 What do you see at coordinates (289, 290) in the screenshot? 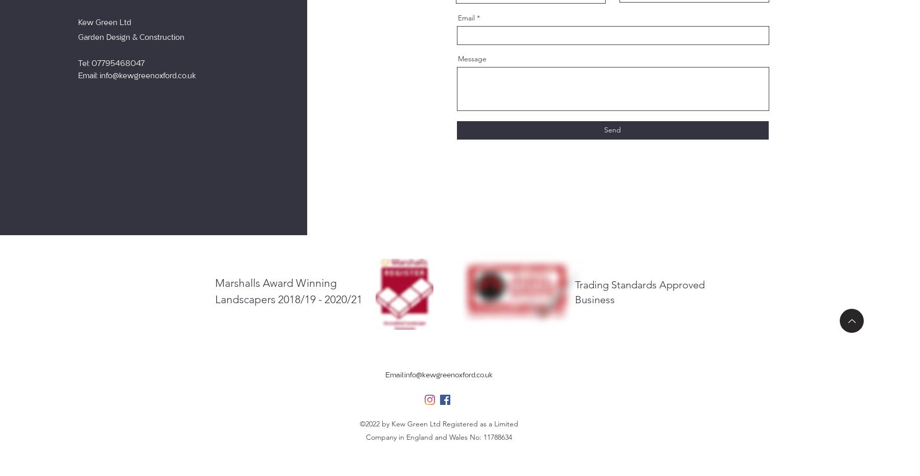
I see `'Marshalls Award Winning Landscapers 2018/19 - 2020/21'` at bounding box center [289, 290].